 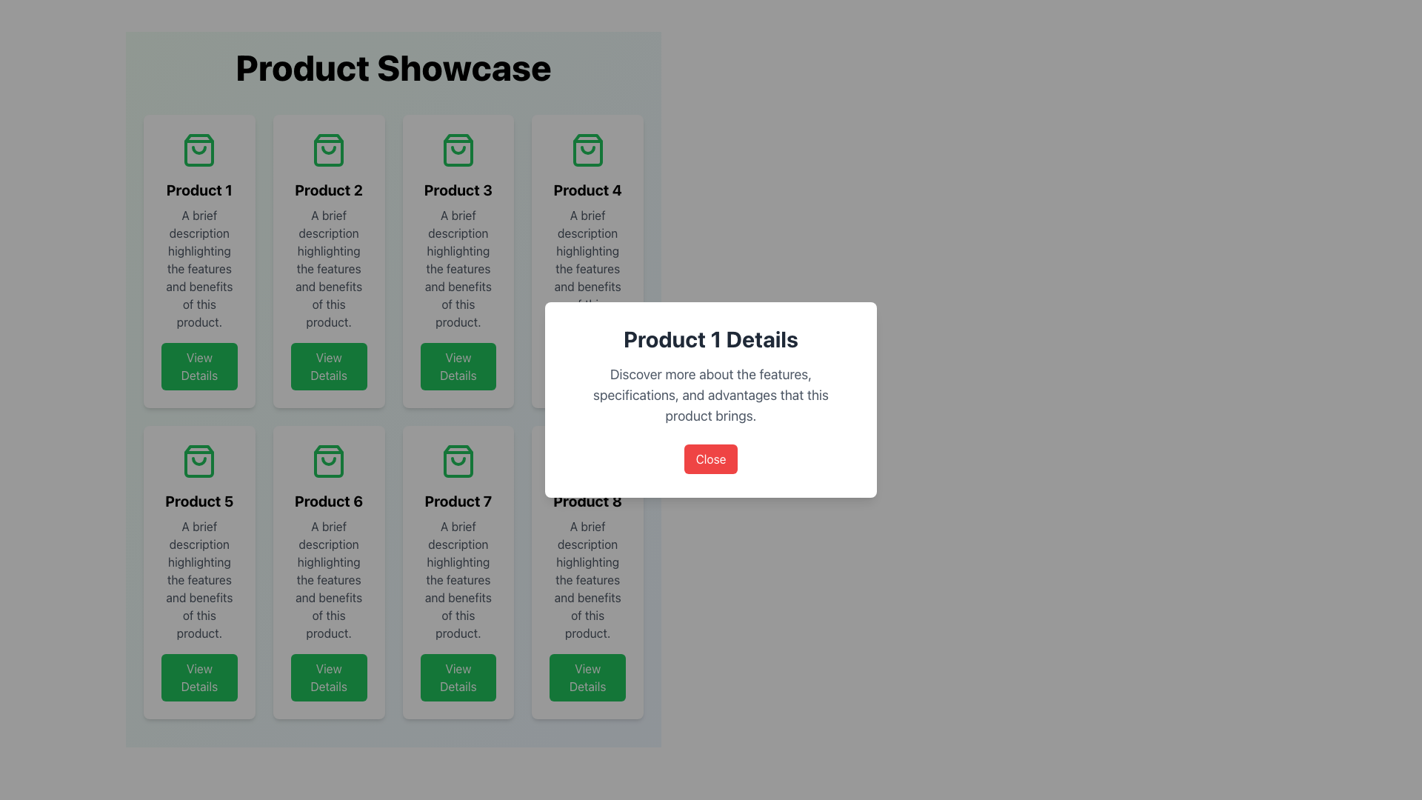 What do you see at coordinates (457, 150) in the screenshot?
I see `the decorative shopping icon located in the center of the top section of the tile labeled 'Product 3', aligned with the grid layout in the first row, third column` at bounding box center [457, 150].